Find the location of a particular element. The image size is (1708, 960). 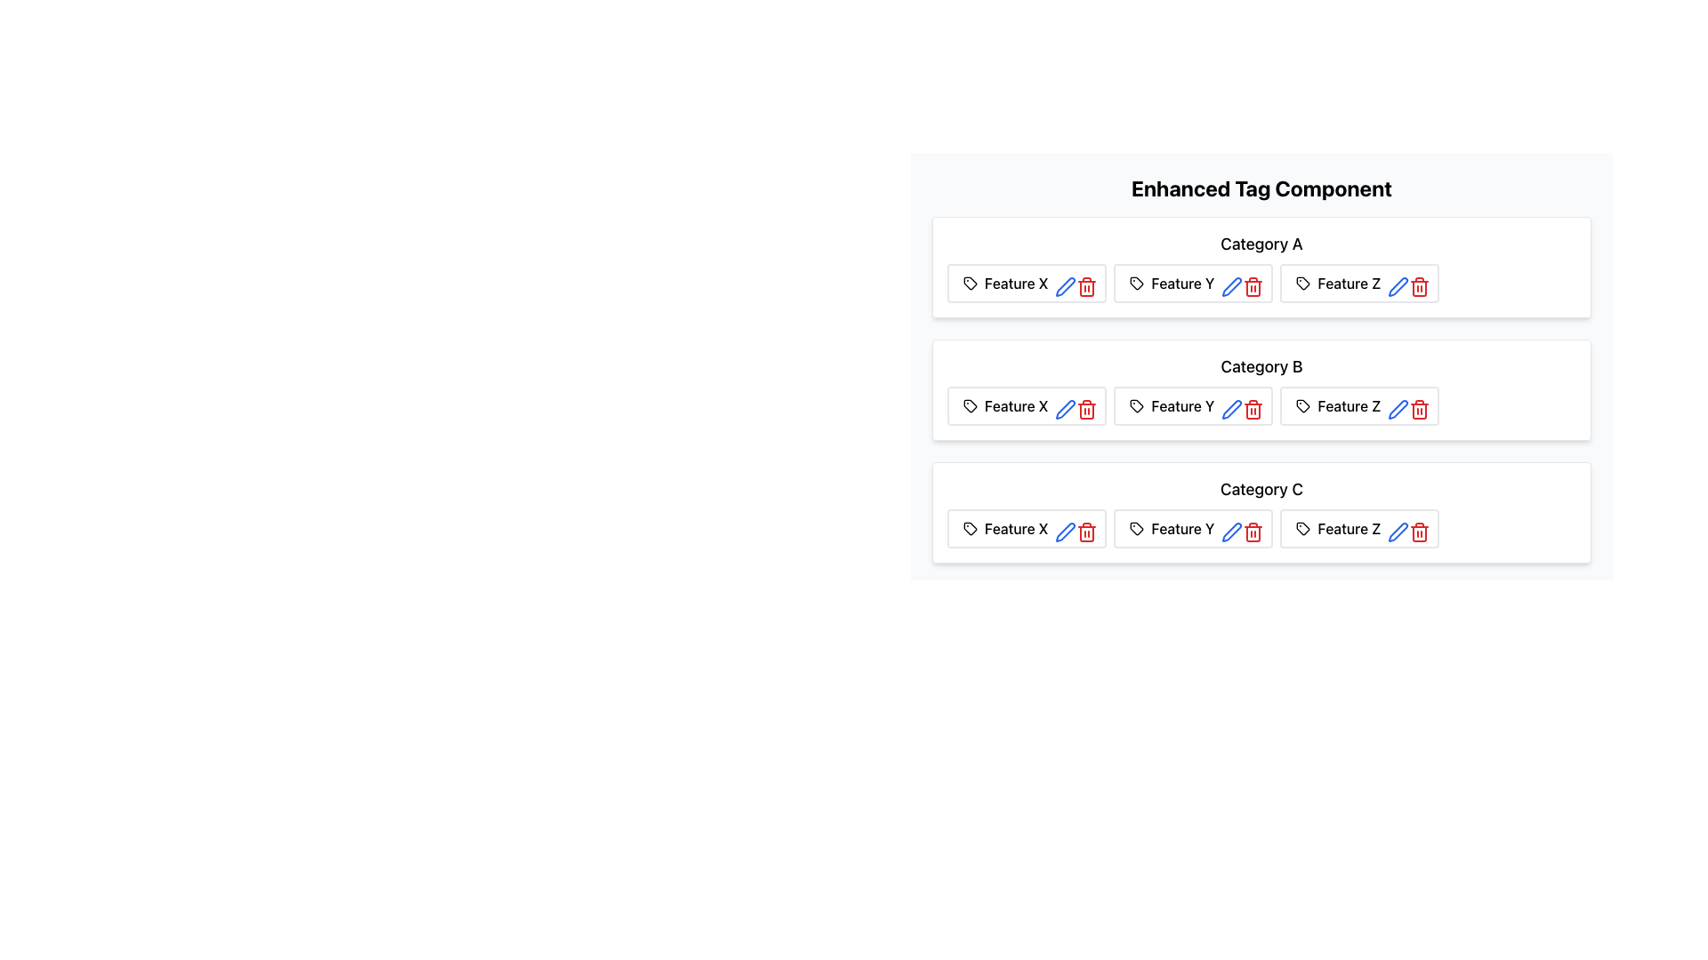

the SVG graphical tag icon located to the immediate left of the 'Feature Z' label in the 'Category C' section is located at coordinates (1303, 527).